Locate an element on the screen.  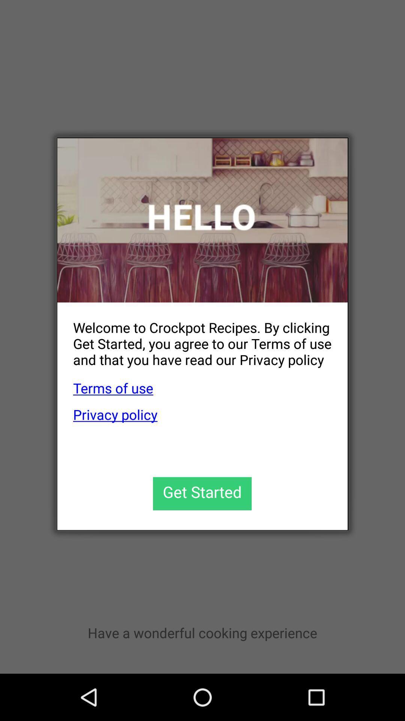
the welcome to crockpot is located at coordinates (194, 337).